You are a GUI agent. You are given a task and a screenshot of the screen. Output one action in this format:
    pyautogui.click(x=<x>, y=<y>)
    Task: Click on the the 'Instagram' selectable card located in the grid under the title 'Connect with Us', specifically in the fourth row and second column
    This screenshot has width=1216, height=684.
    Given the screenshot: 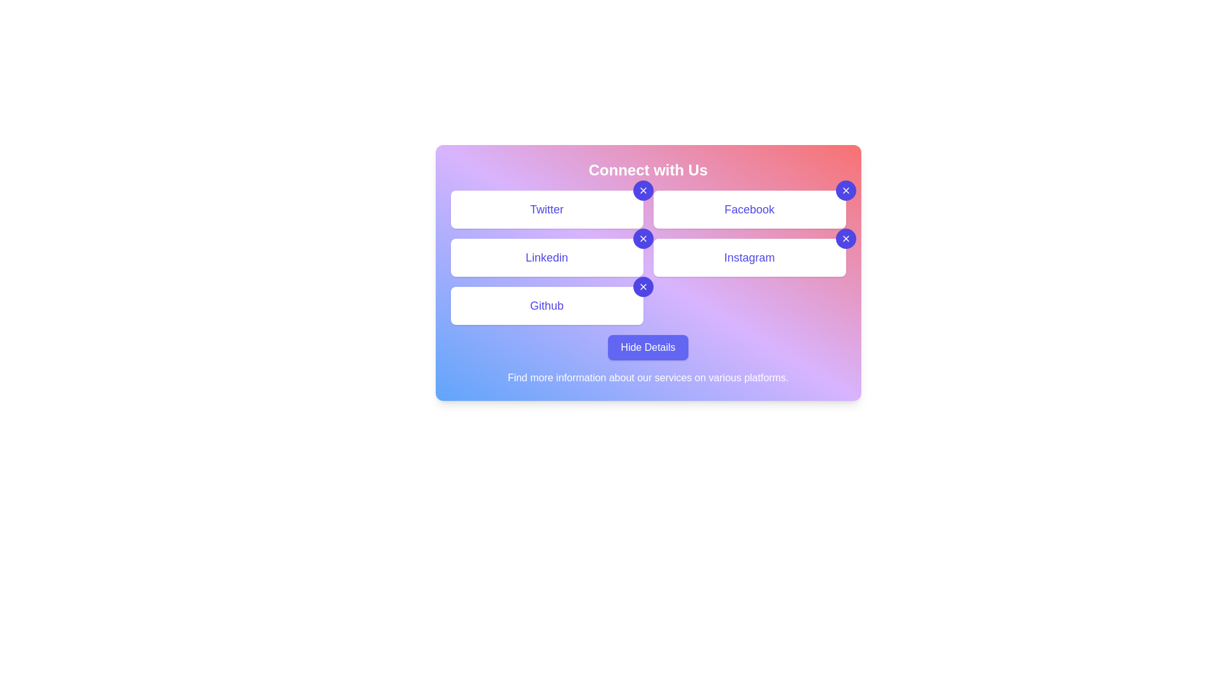 What is the action you would take?
    pyautogui.click(x=749, y=257)
    